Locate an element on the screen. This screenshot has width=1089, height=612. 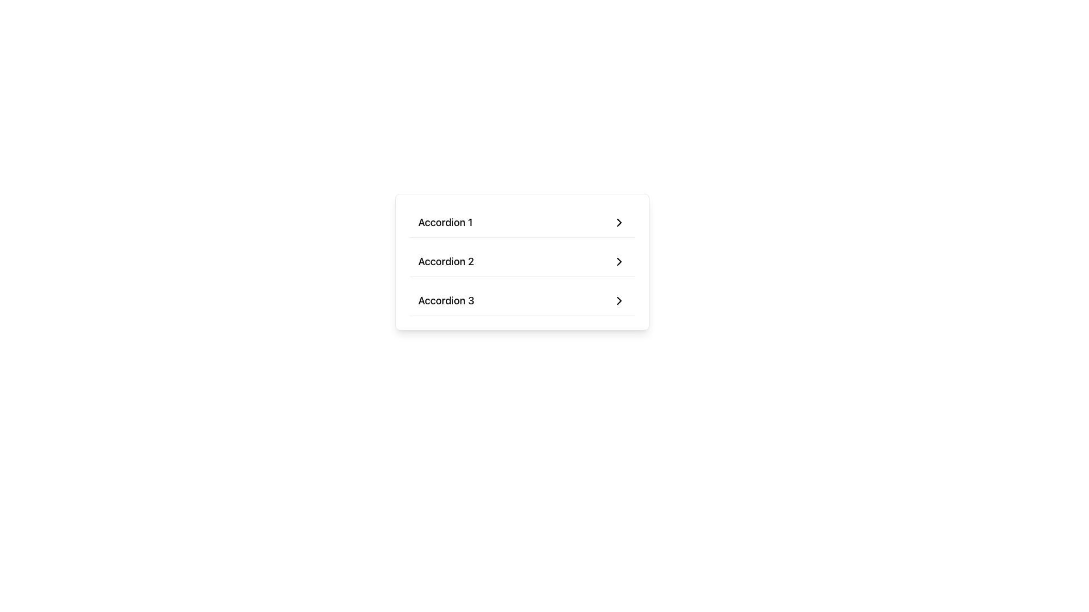
the small right-pointing chevron icon with a thin black outline, located adjacent to the text 'Accordion 1', to interact with the accordion is located at coordinates (618, 223).